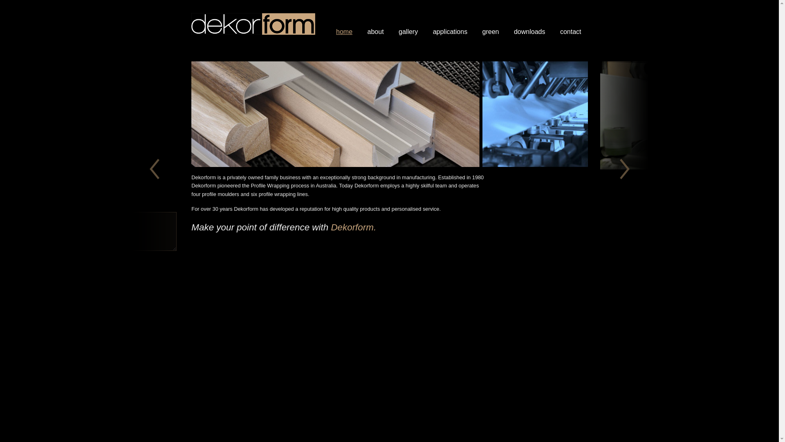  What do you see at coordinates (408, 23) in the screenshot?
I see `'gallery'` at bounding box center [408, 23].